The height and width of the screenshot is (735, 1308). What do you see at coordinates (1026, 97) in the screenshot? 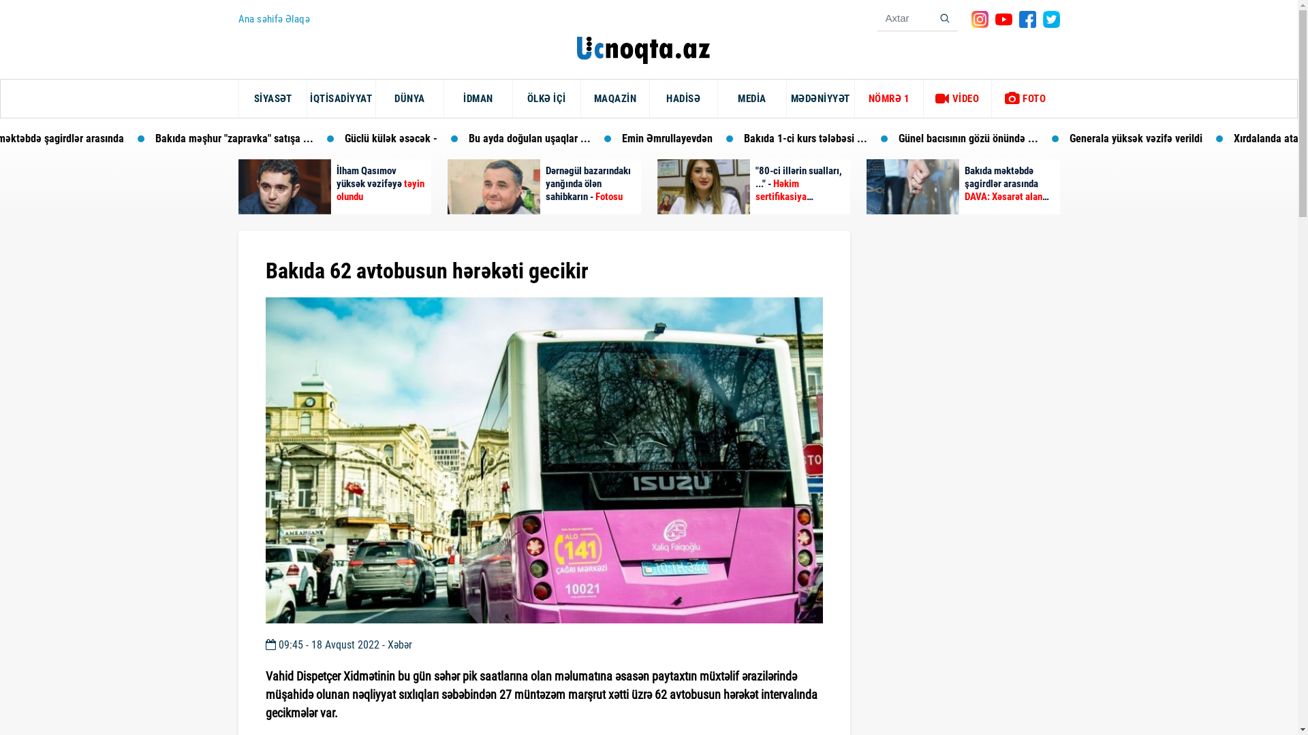
I see `'FOTO'` at bounding box center [1026, 97].